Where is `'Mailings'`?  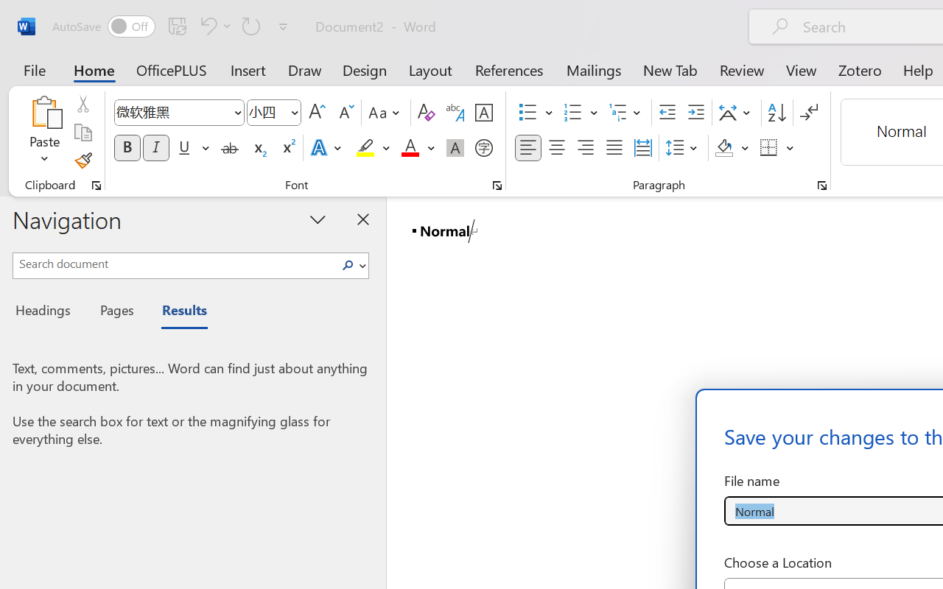 'Mailings' is located at coordinates (594, 69).